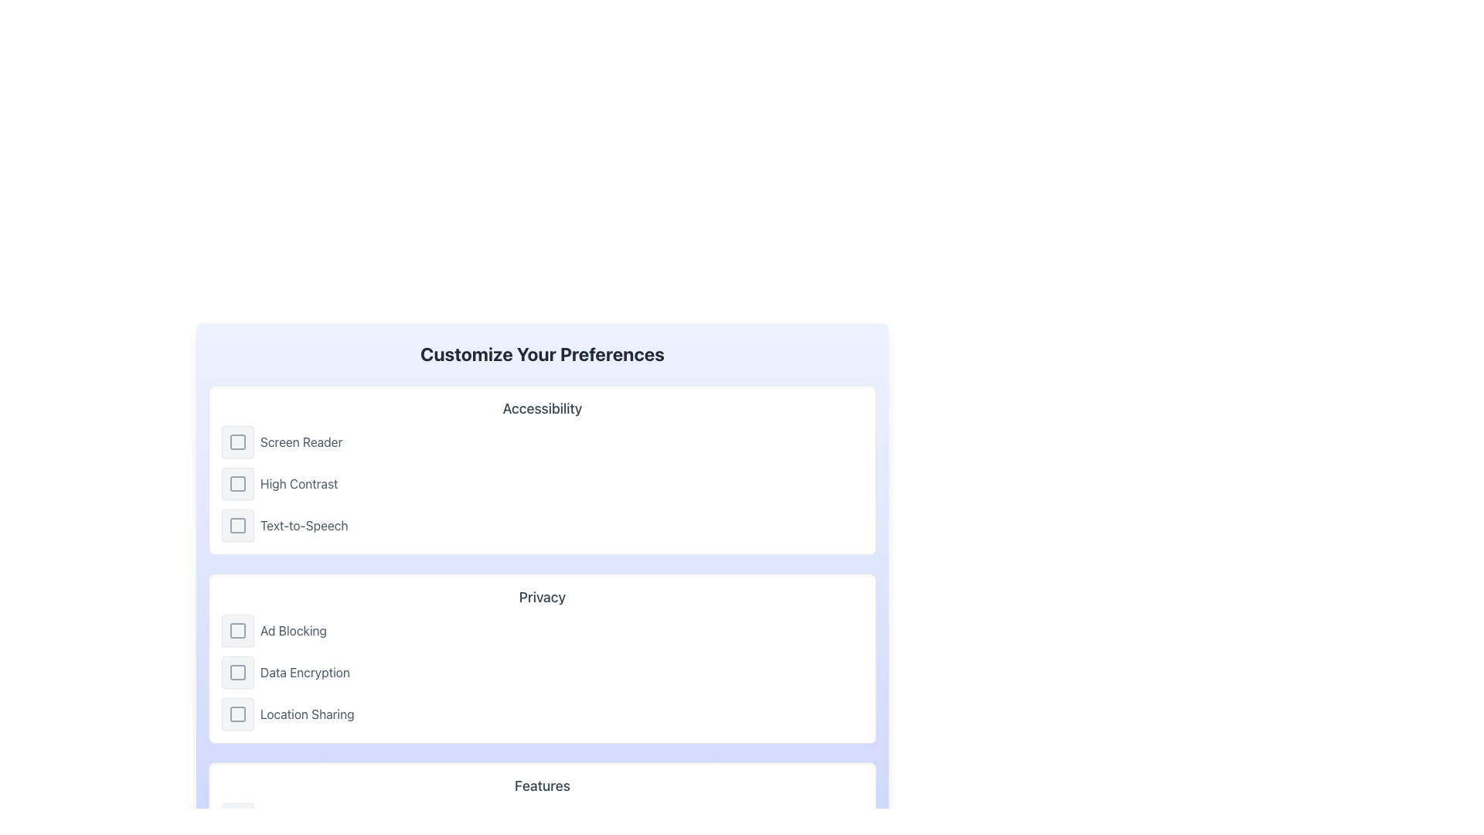 The width and height of the screenshot is (1484, 835). I want to click on the 'Data Encryption' text label, which is styled in gray and associated with a checkbox in the 'Privacy' section of the interface, so click(305, 672).